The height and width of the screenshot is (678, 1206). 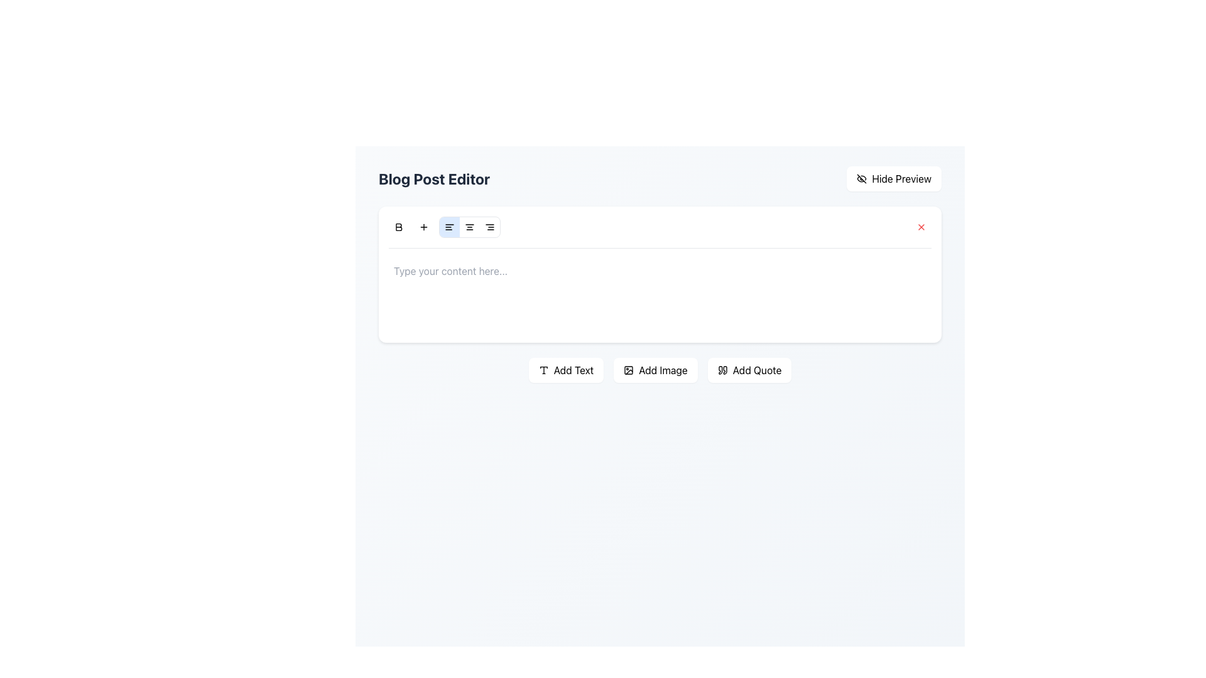 What do you see at coordinates (565, 370) in the screenshot?
I see `the 'Add Text' button located centrally near the bottom of the editor interface for keyboard interaction` at bounding box center [565, 370].